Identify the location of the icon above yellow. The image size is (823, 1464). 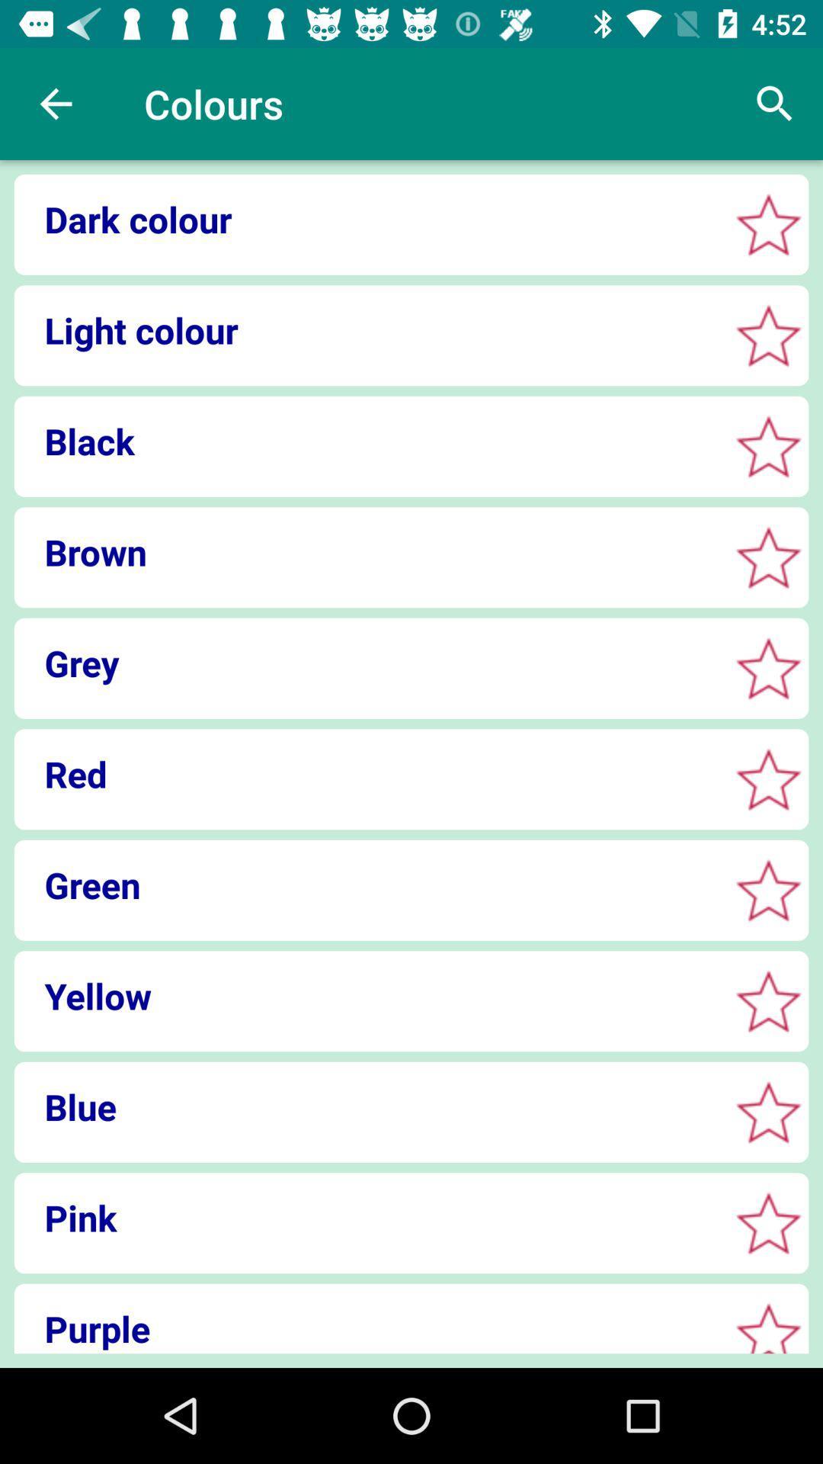
(367, 884).